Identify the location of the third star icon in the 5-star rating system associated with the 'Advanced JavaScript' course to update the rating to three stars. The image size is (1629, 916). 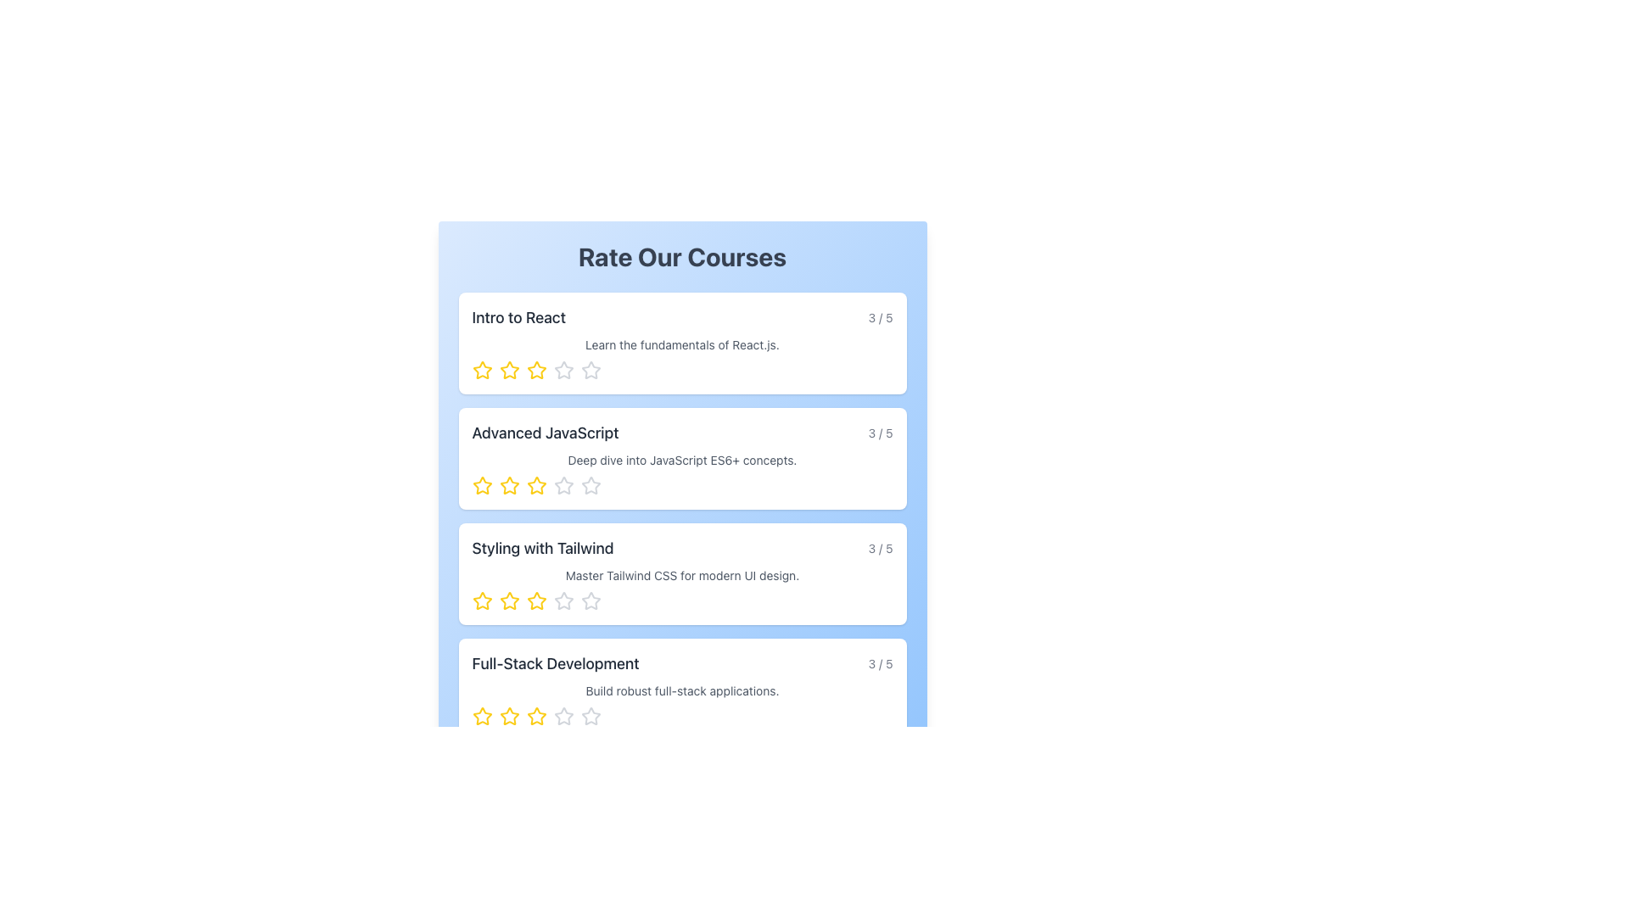
(563, 485).